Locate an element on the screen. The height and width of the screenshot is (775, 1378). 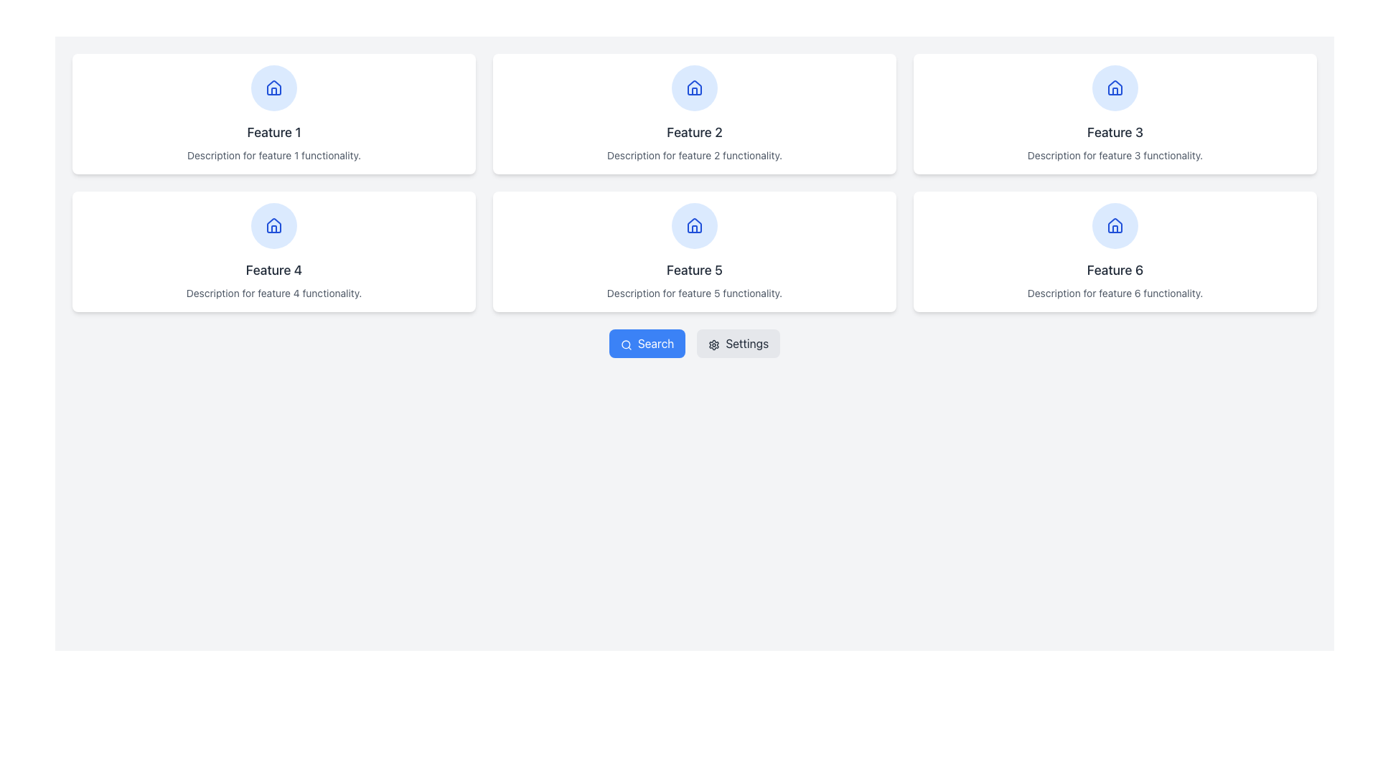
the textual description styled with a small, gray font located below the 'Feature 5' heading, which states 'Description for feature 5 functionality.' is located at coordinates (695, 292).